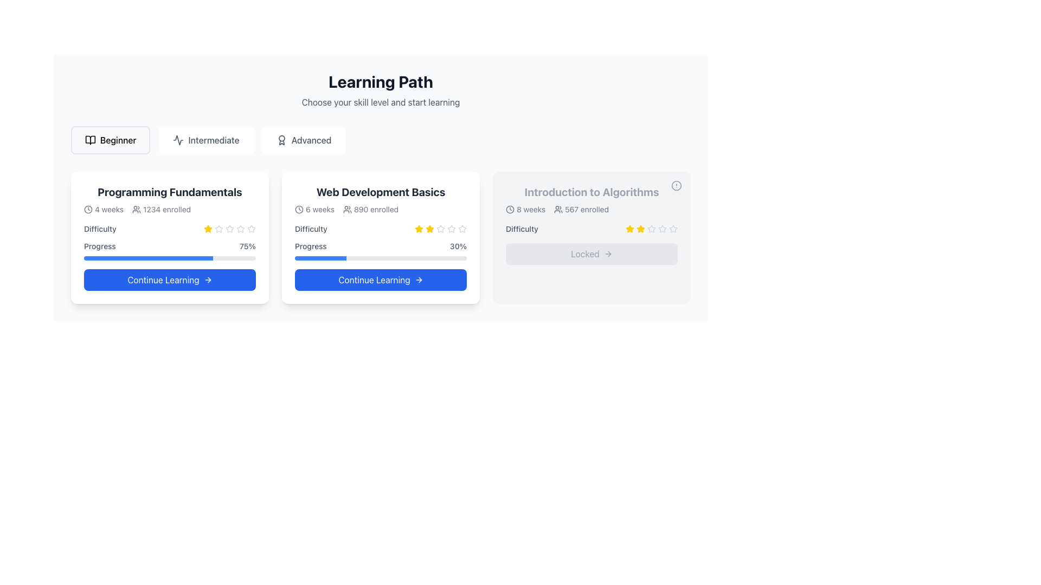  What do you see at coordinates (169, 258) in the screenshot?
I see `the horizontal progress bar with a blue filled portion indicating 75% progress, located within the 'Programming Fundamentals' card, beneath the 'Progress' label` at bounding box center [169, 258].